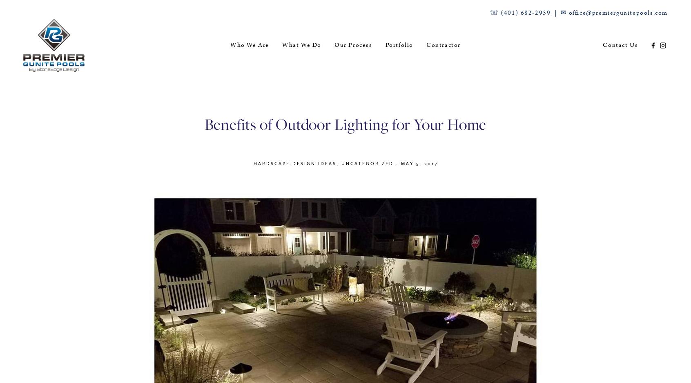 The width and height of the screenshot is (691, 383). Describe the element at coordinates (345, 124) in the screenshot. I see `'Benefits of Outdoor Lighting for Your Home'` at that location.